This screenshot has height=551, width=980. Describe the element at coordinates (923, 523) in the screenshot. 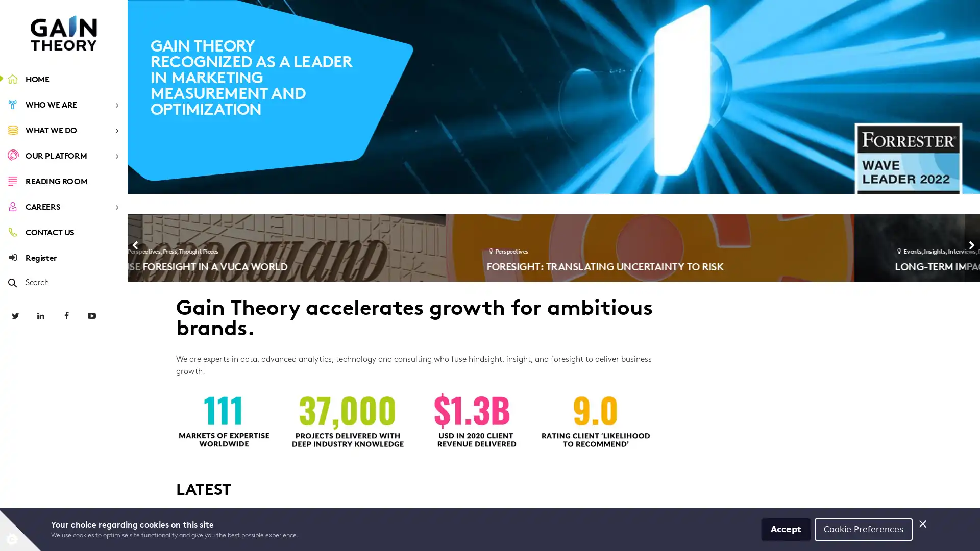

I see `Close` at that location.